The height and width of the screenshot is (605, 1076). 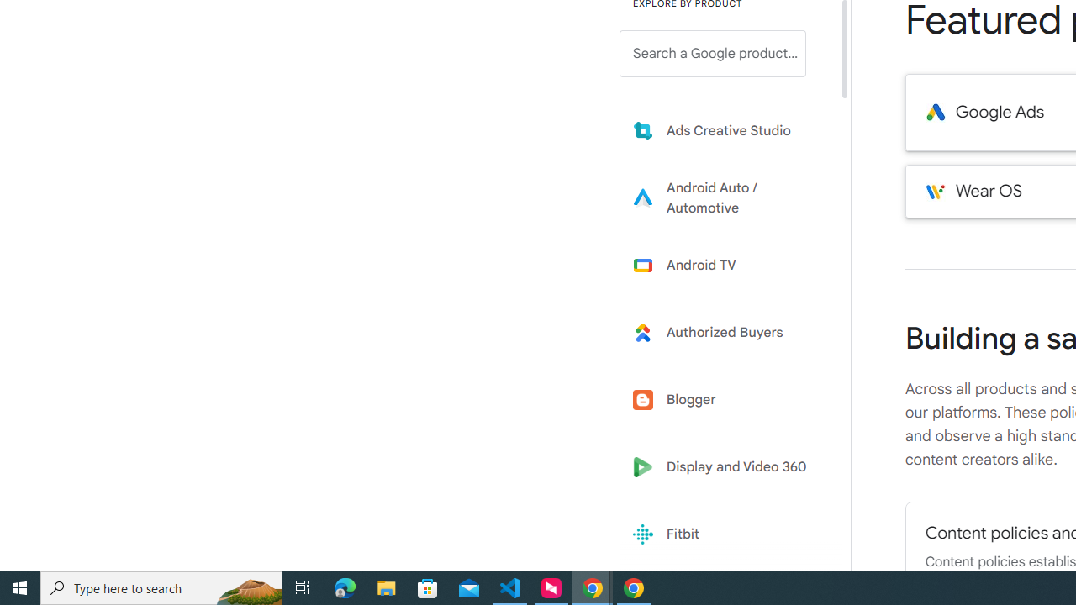 What do you see at coordinates (725, 534) in the screenshot?
I see `'Fitbit'` at bounding box center [725, 534].